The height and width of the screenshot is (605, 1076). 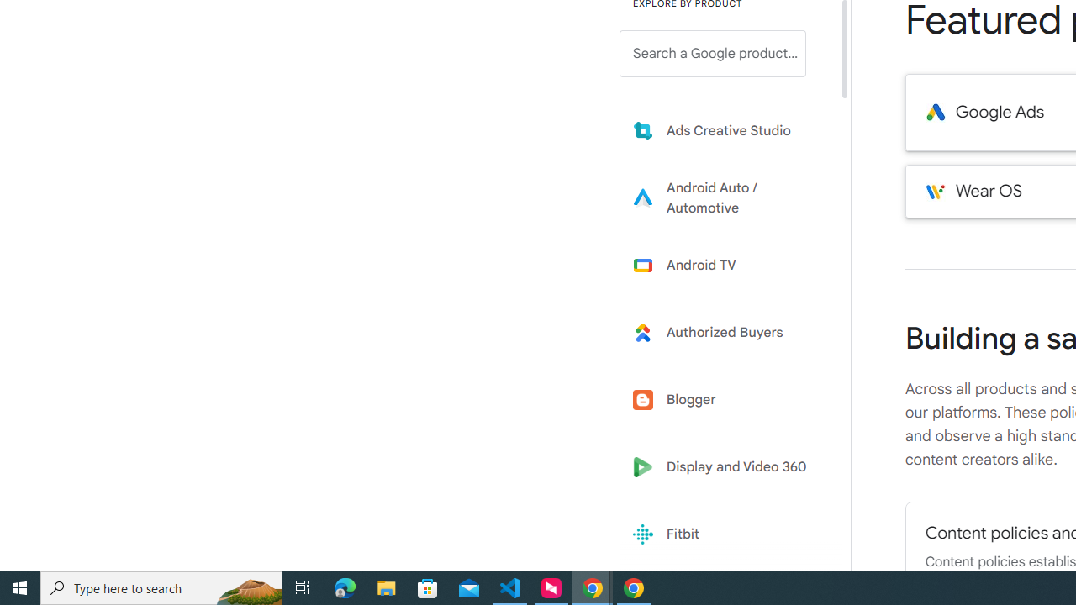 What do you see at coordinates (725, 534) in the screenshot?
I see `'Fitbit'` at bounding box center [725, 534].